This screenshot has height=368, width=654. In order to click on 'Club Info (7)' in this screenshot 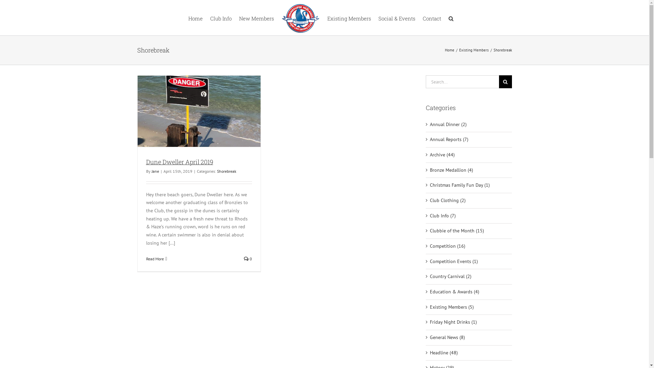, I will do `click(469, 216)`.